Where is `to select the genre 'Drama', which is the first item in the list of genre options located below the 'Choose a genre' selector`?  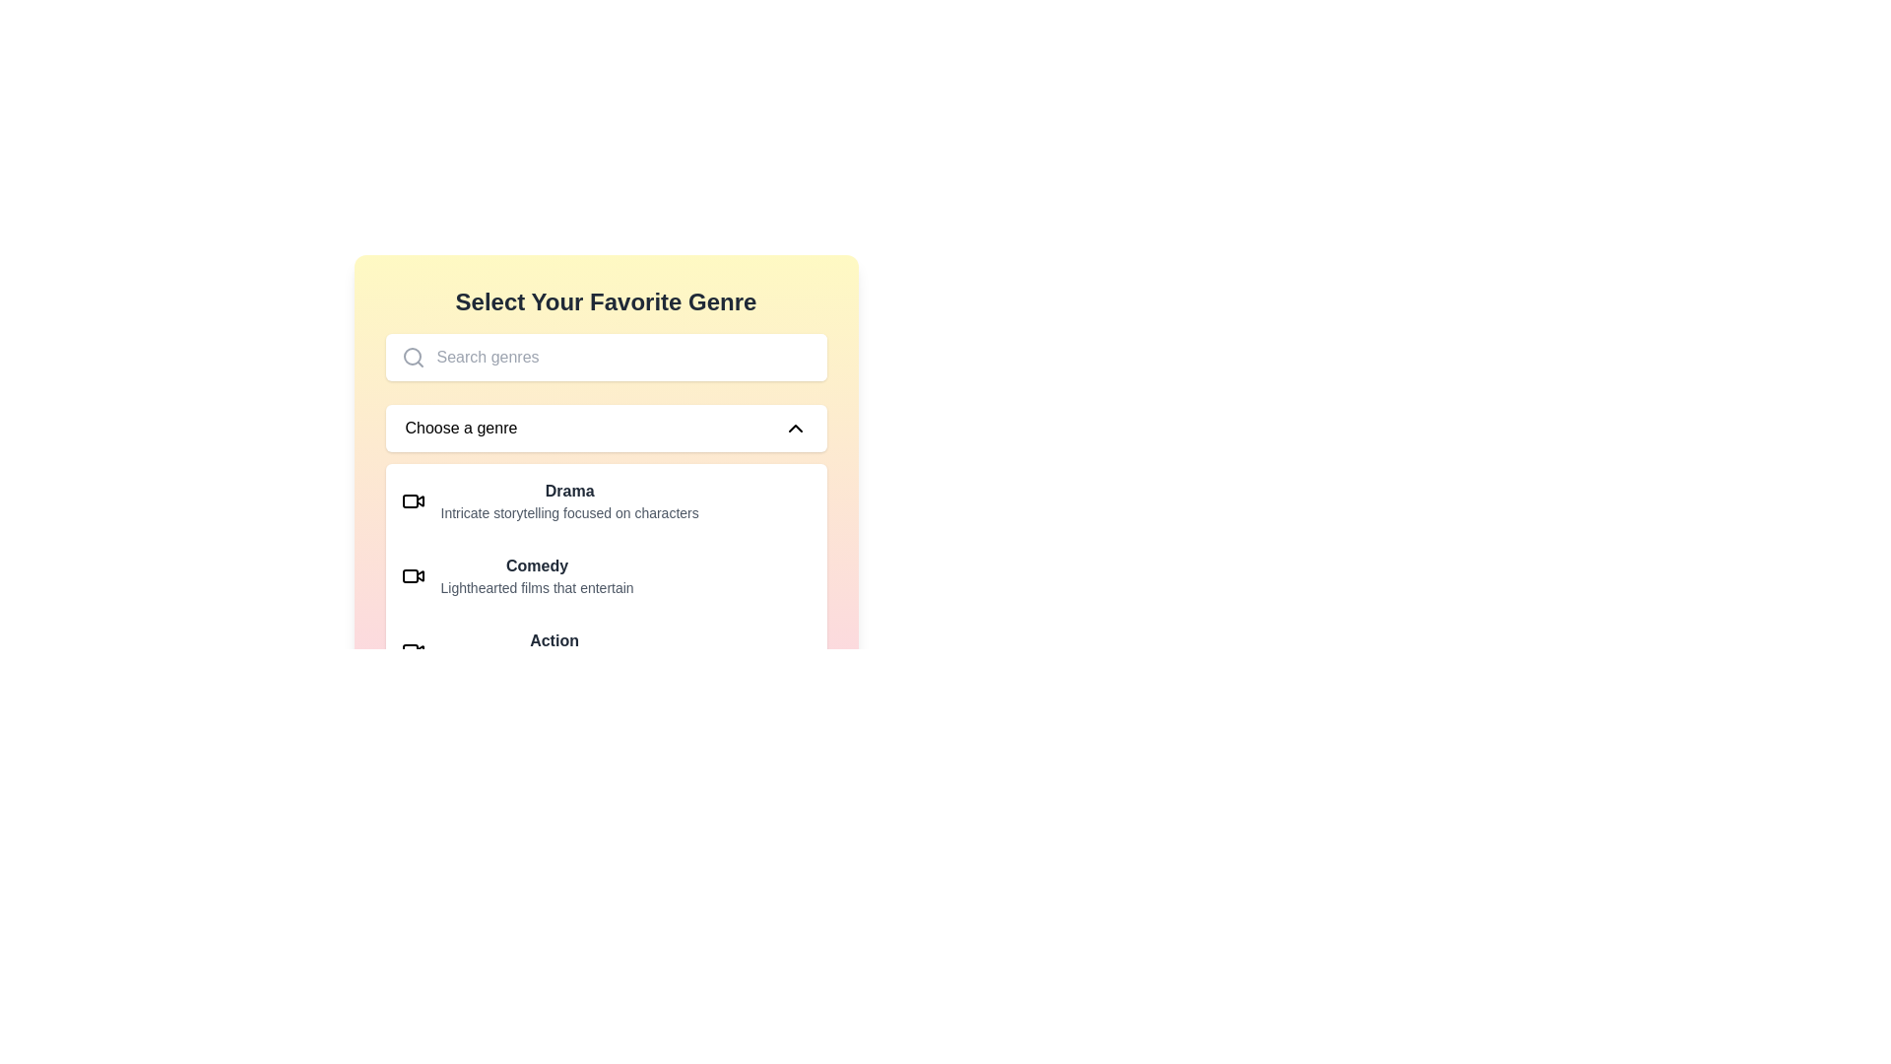
to select the genre 'Drama', which is the first item in the list of genre options located below the 'Choose a genre' selector is located at coordinates (568, 500).